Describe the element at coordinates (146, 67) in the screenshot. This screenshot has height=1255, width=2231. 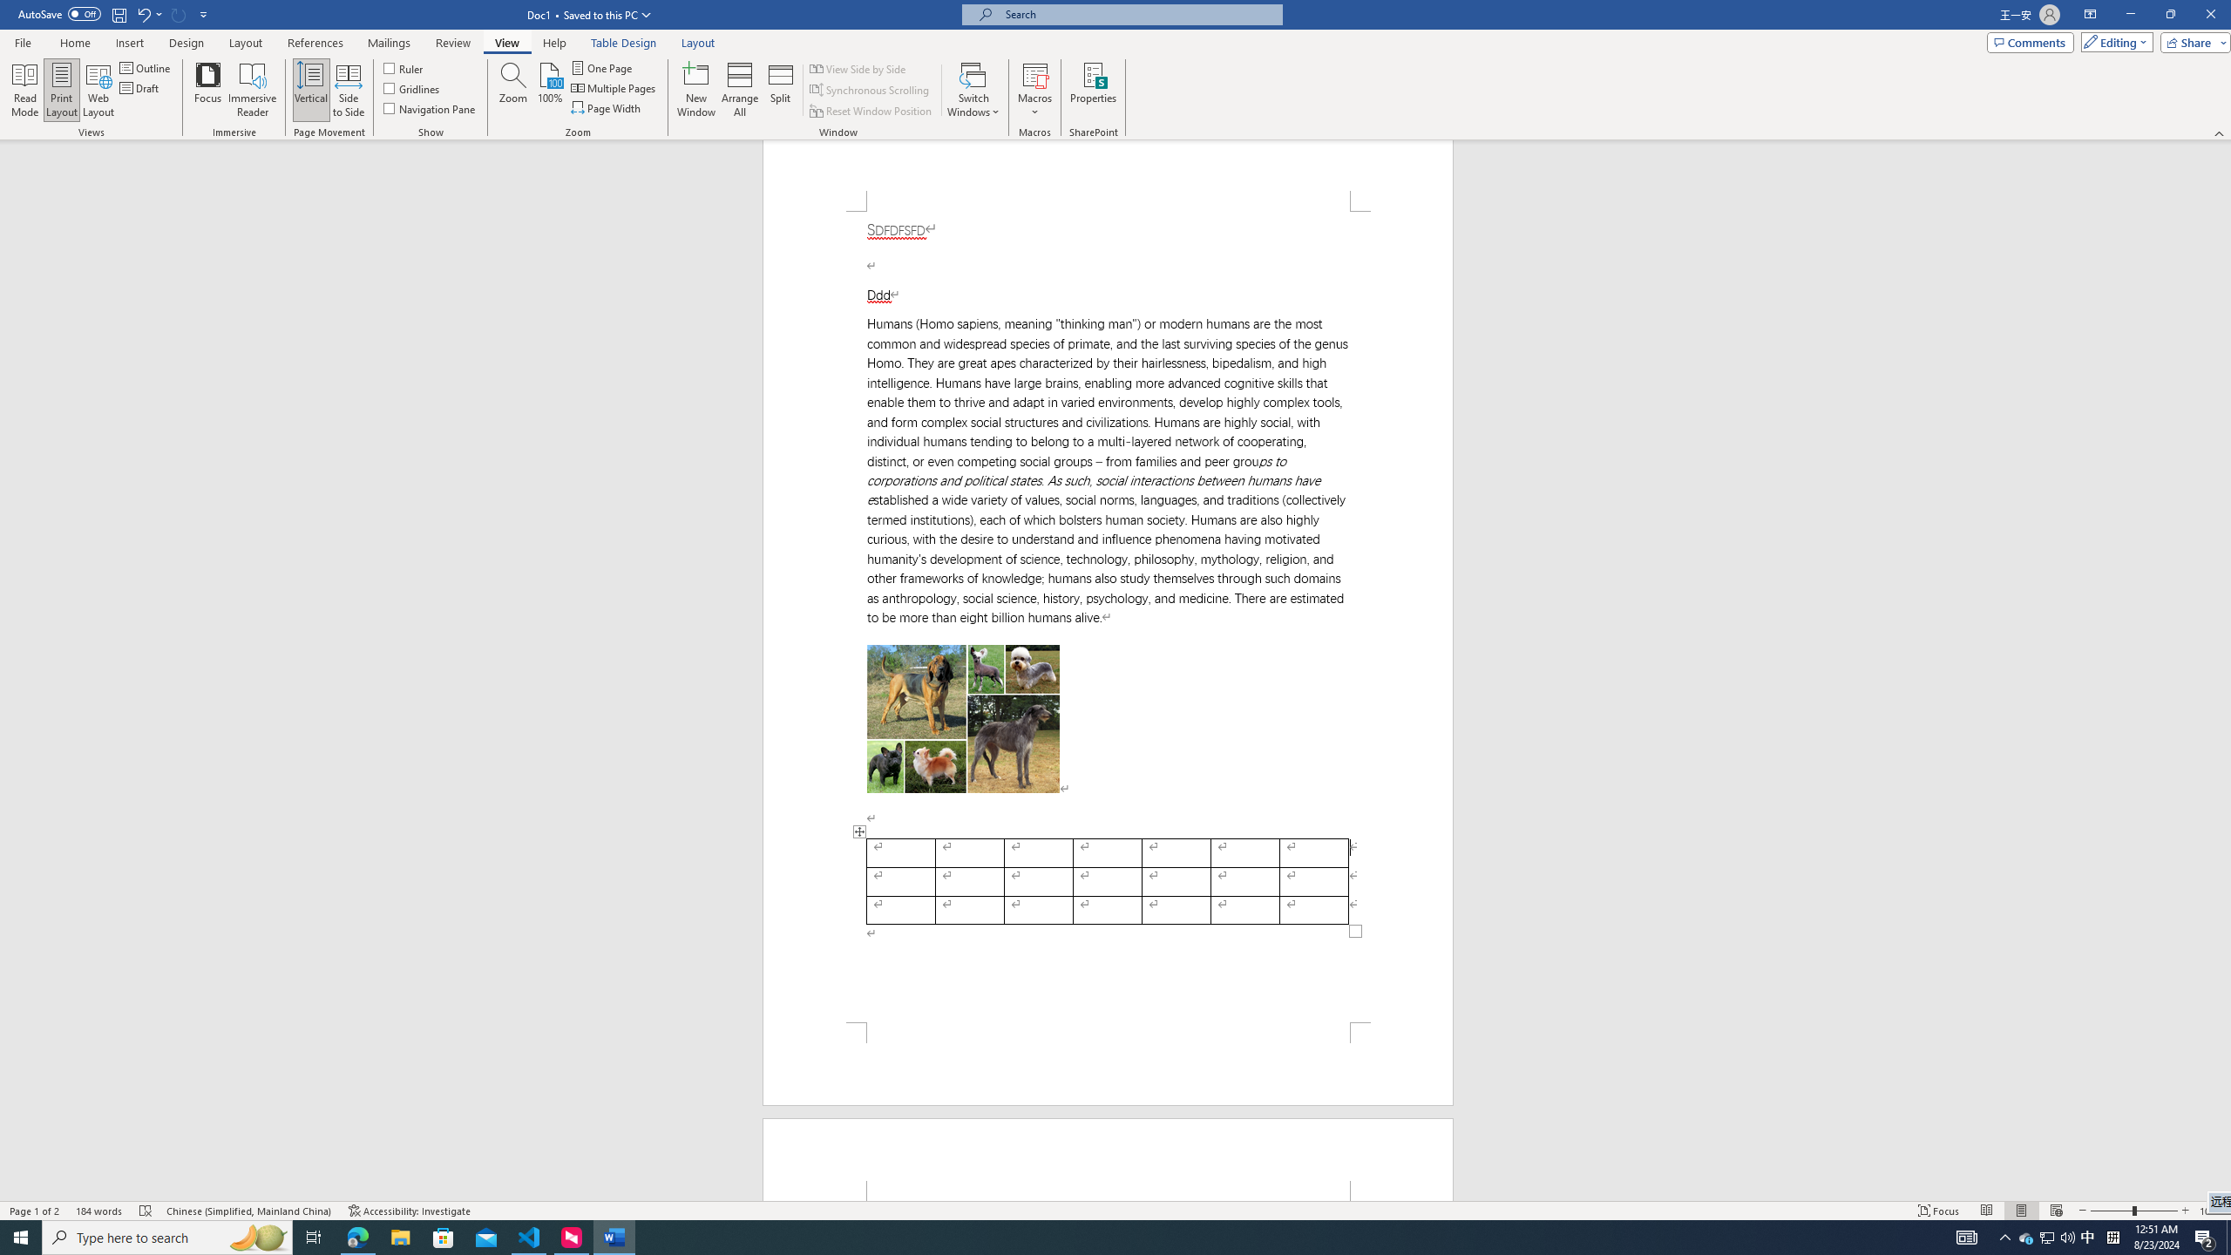
I see `'Outline'` at that location.